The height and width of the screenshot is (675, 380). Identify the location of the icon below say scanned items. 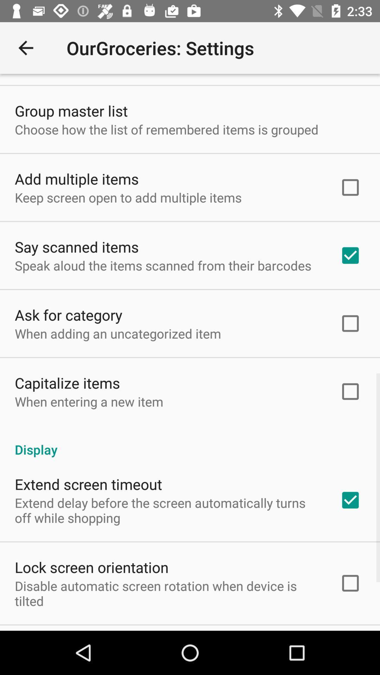
(163, 265).